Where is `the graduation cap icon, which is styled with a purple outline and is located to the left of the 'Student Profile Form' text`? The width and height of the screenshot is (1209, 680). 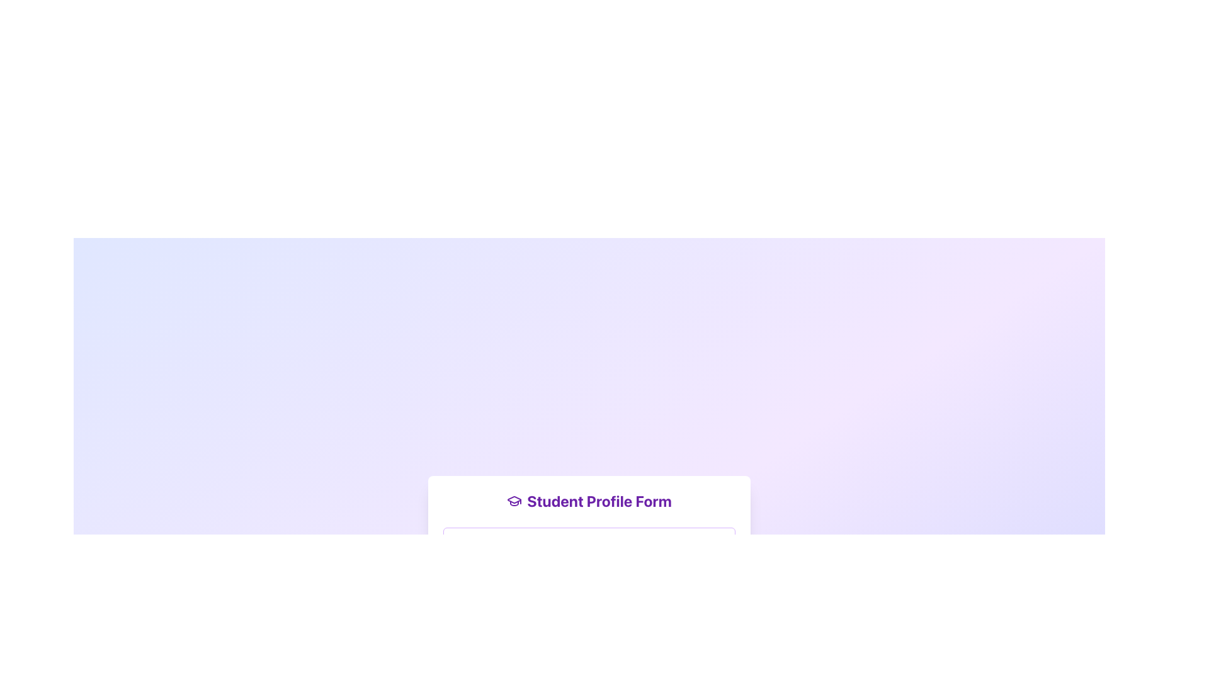
the graduation cap icon, which is styled with a purple outline and is located to the left of the 'Student Profile Form' text is located at coordinates (514, 500).